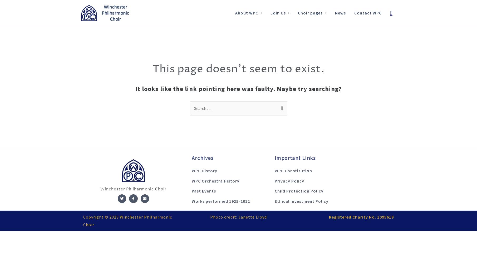  What do you see at coordinates (220, 201) in the screenshot?
I see `'Works performed 1925-2012'` at bounding box center [220, 201].